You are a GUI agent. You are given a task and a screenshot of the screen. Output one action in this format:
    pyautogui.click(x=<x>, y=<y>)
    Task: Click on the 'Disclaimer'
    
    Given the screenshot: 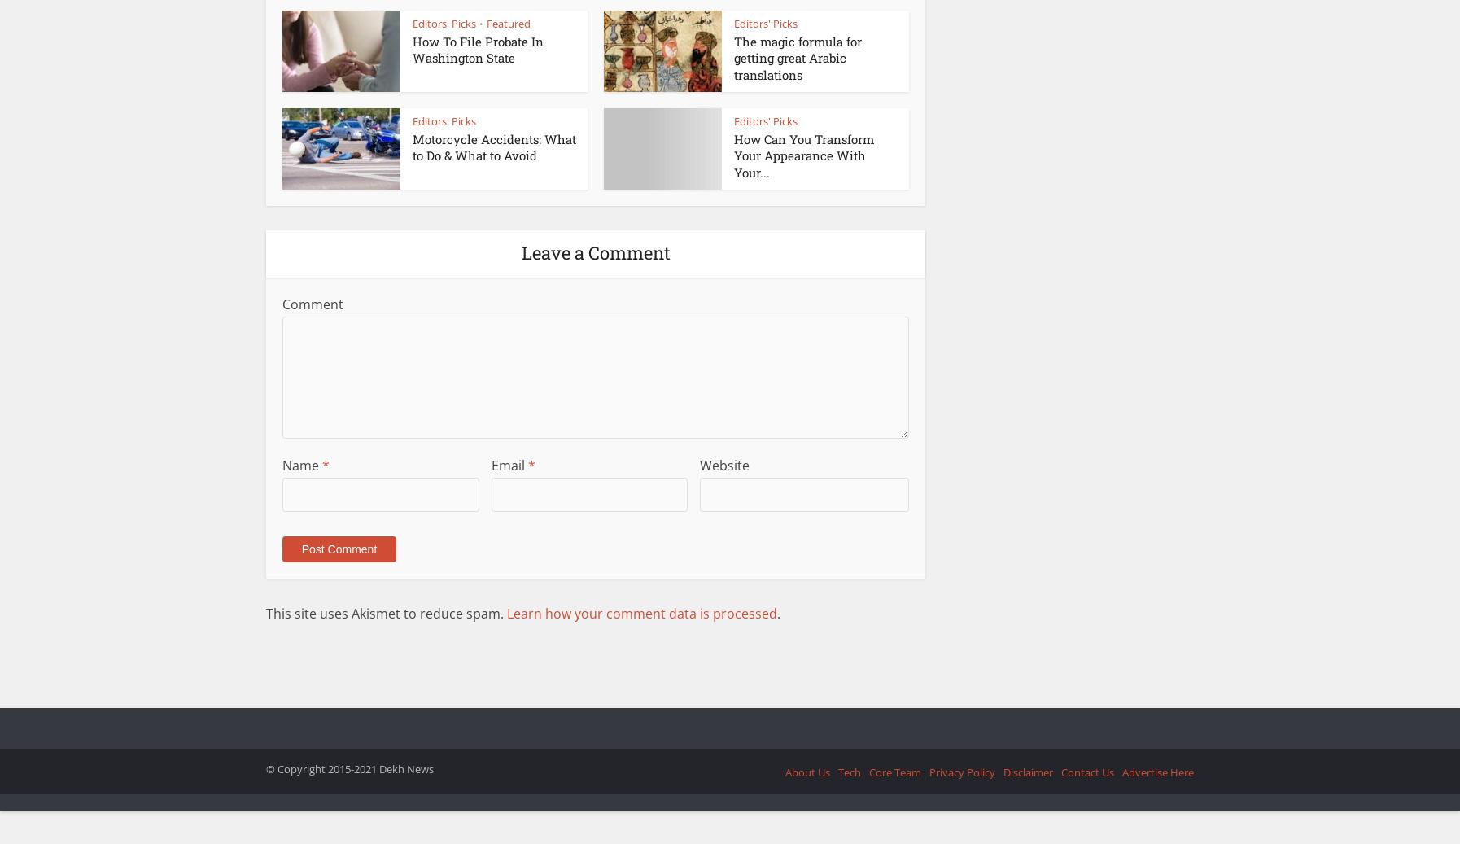 What is the action you would take?
    pyautogui.click(x=1027, y=772)
    